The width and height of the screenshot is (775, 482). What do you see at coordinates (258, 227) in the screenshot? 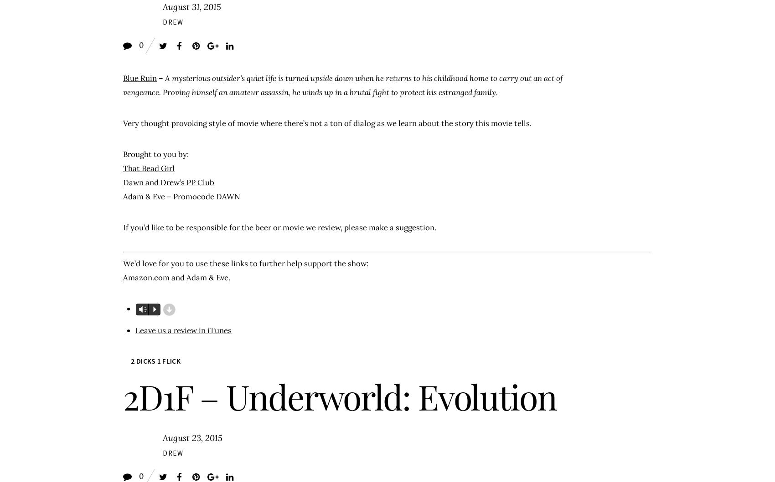
I see `'If you’d like to be responsible for the beer or movie we review, please make a'` at bounding box center [258, 227].